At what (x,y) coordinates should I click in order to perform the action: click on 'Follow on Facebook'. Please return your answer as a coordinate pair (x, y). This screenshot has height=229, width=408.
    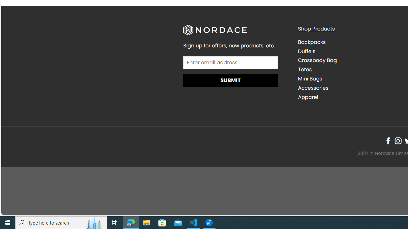
    Looking at the image, I should click on (388, 140).